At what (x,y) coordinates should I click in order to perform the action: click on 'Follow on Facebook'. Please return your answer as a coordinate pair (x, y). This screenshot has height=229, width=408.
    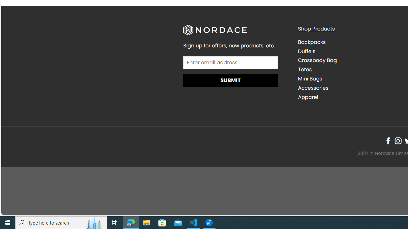
    Looking at the image, I should click on (388, 140).